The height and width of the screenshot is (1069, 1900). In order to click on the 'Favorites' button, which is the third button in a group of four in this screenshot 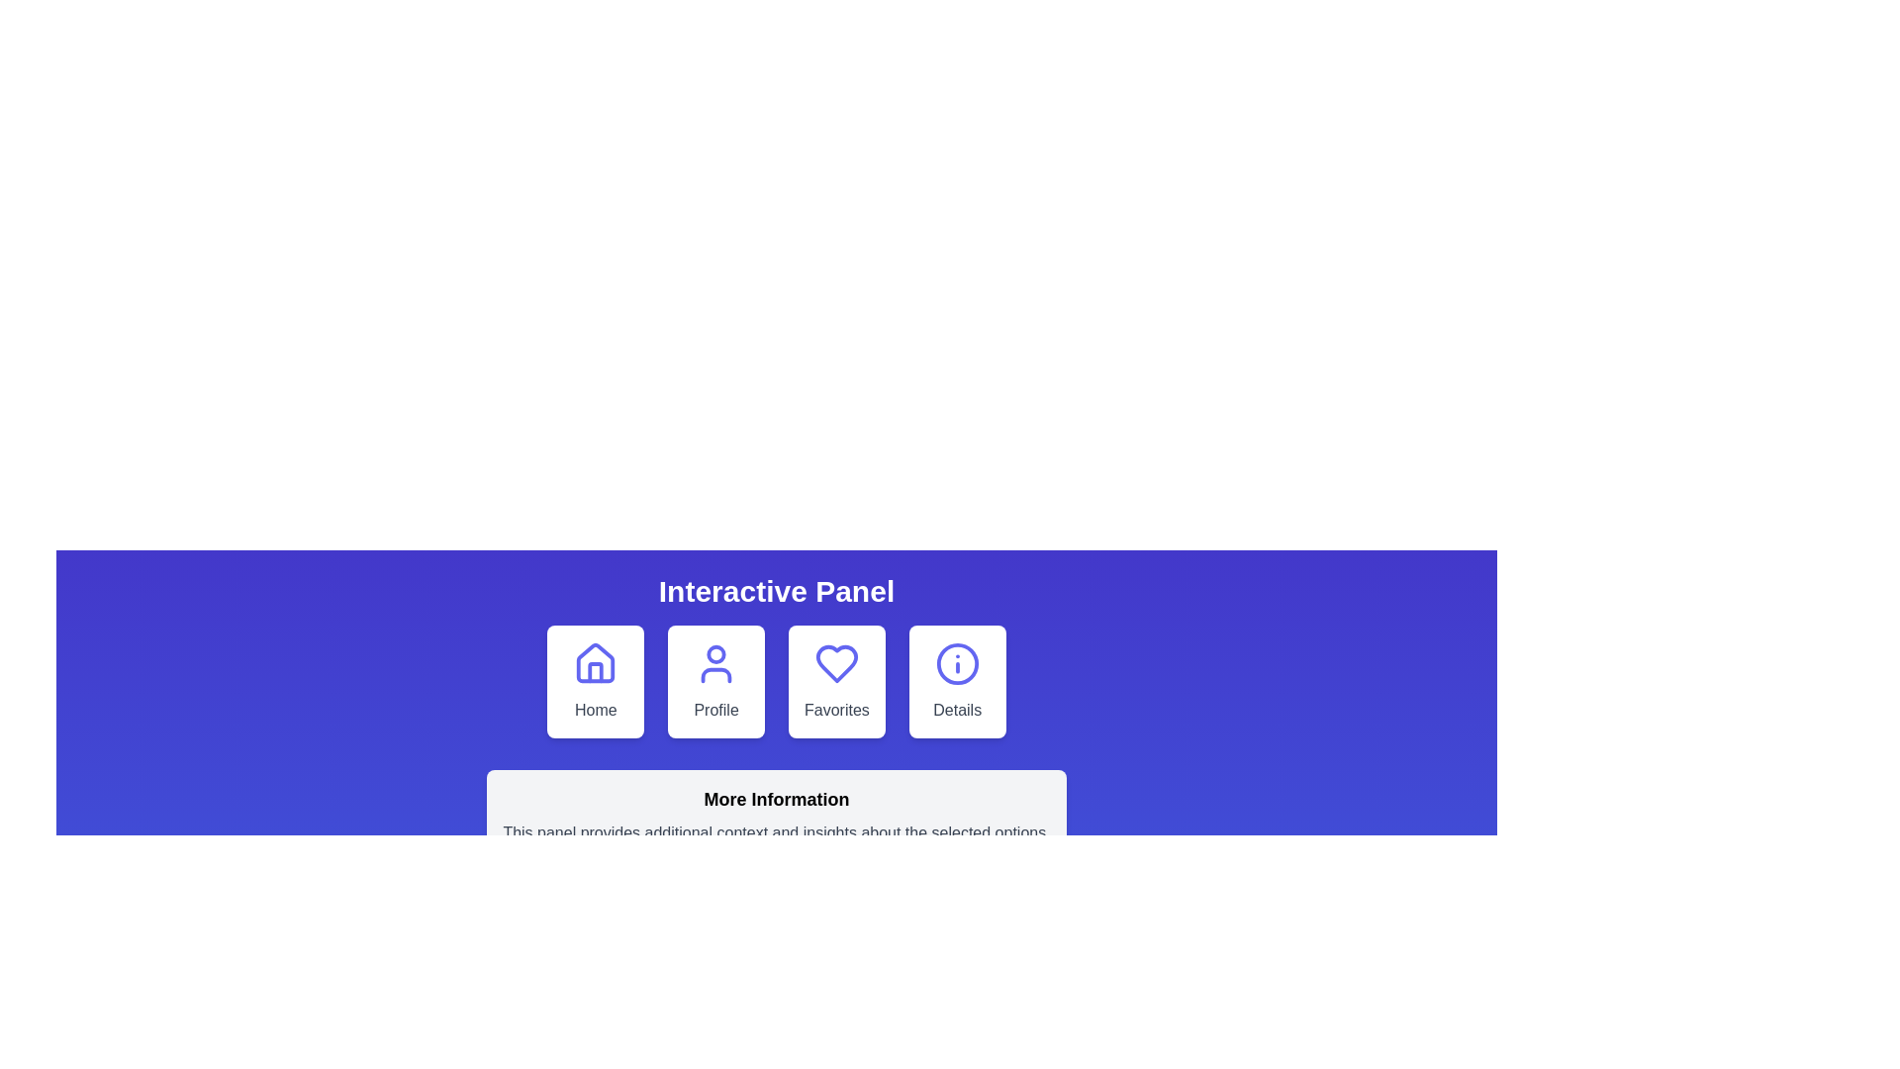, I will do `click(836, 681)`.